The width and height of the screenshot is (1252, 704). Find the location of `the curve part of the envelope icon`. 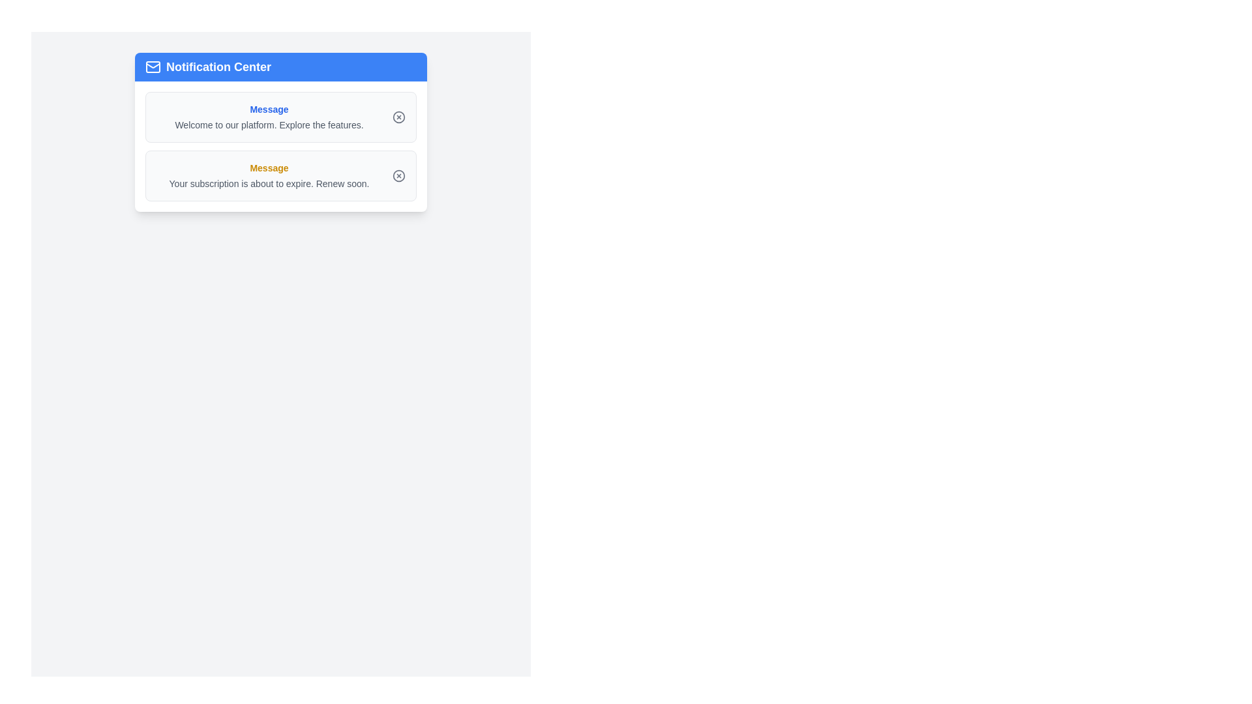

the curve part of the envelope icon is located at coordinates (153, 65).